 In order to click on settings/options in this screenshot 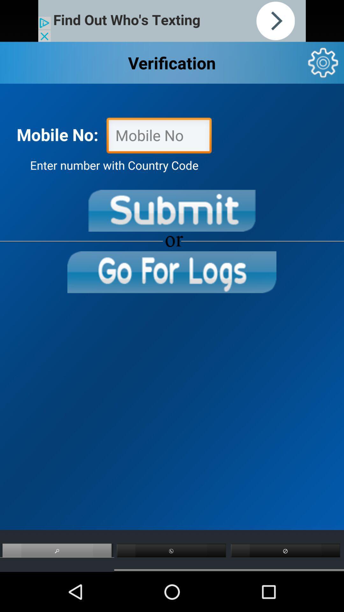, I will do `click(323, 62)`.